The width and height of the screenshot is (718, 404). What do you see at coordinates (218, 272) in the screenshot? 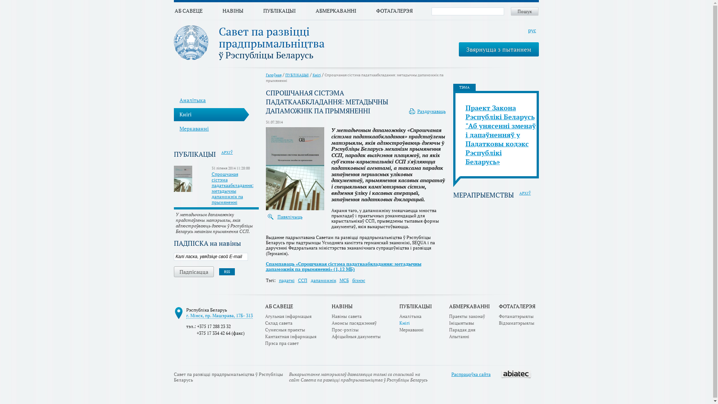
I see `'RSS'` at bounding box center [218, 272].